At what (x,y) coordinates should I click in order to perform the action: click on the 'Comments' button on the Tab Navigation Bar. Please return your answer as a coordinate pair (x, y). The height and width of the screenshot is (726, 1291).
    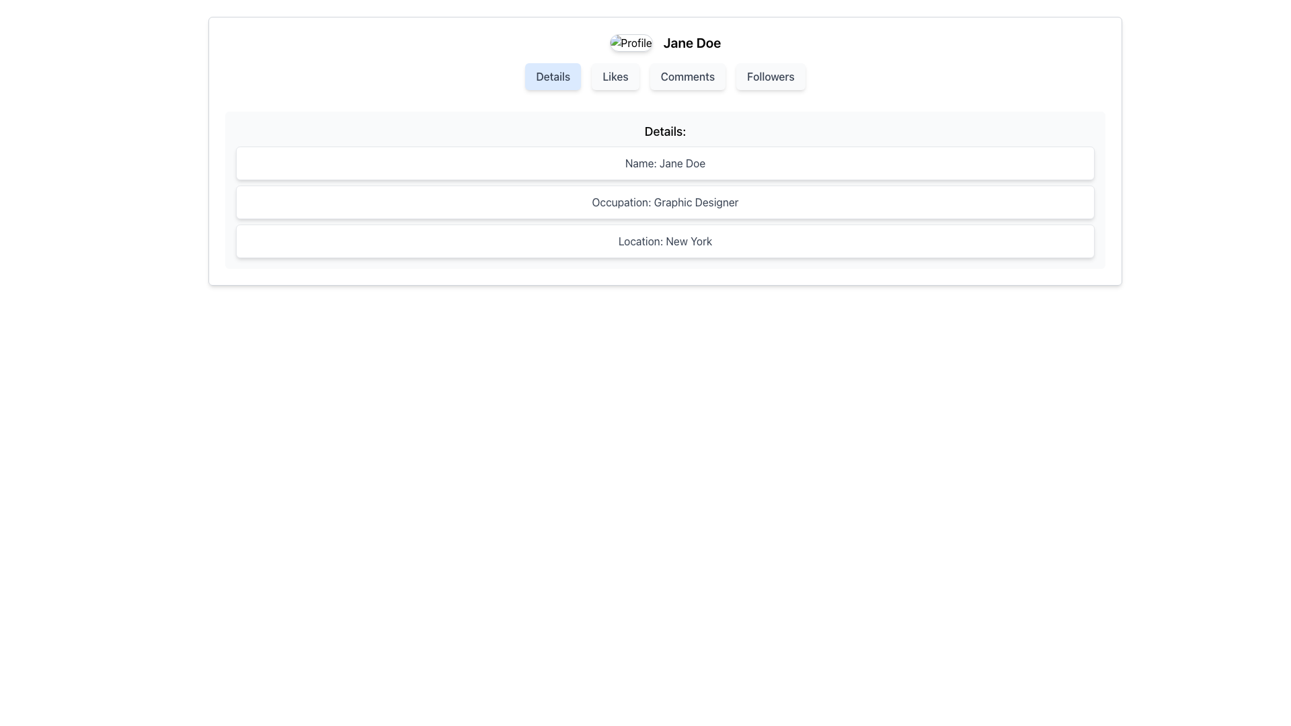
    Looking at the image, I should click on (665, 77).